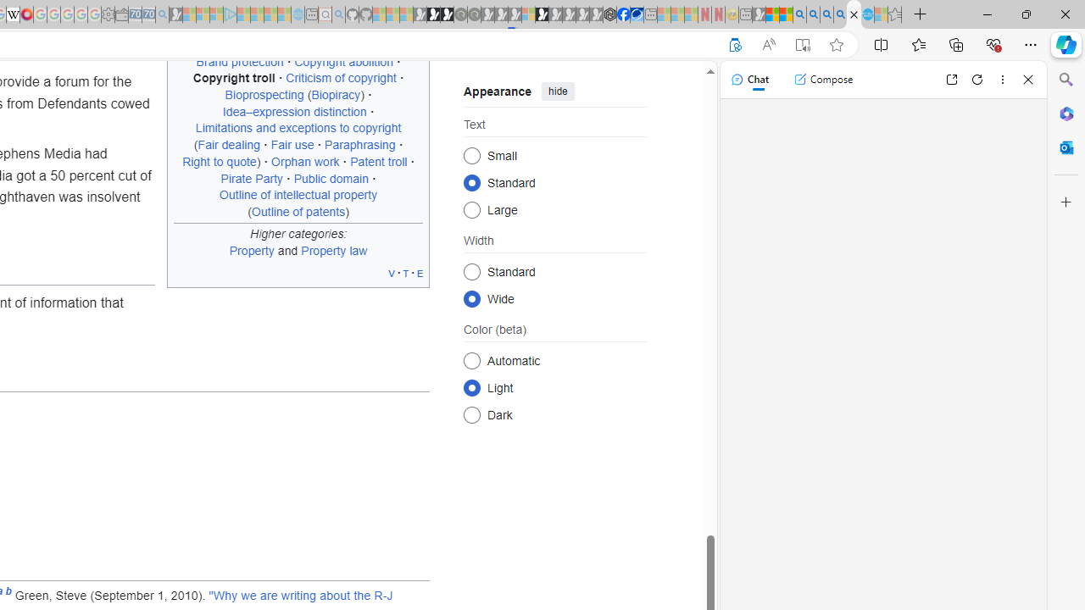 This screenshot has width=1085, height=610. I want to click on 'Light', so click(471, 387).